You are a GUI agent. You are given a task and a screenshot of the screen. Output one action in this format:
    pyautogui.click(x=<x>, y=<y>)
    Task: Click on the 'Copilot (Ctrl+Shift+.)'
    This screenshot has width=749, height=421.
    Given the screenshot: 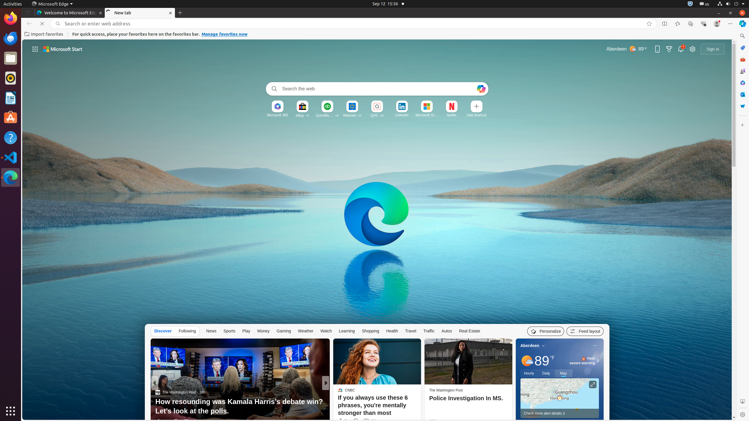 What is the action you would take?
    pyautogui.click(x=742, y=23)
    